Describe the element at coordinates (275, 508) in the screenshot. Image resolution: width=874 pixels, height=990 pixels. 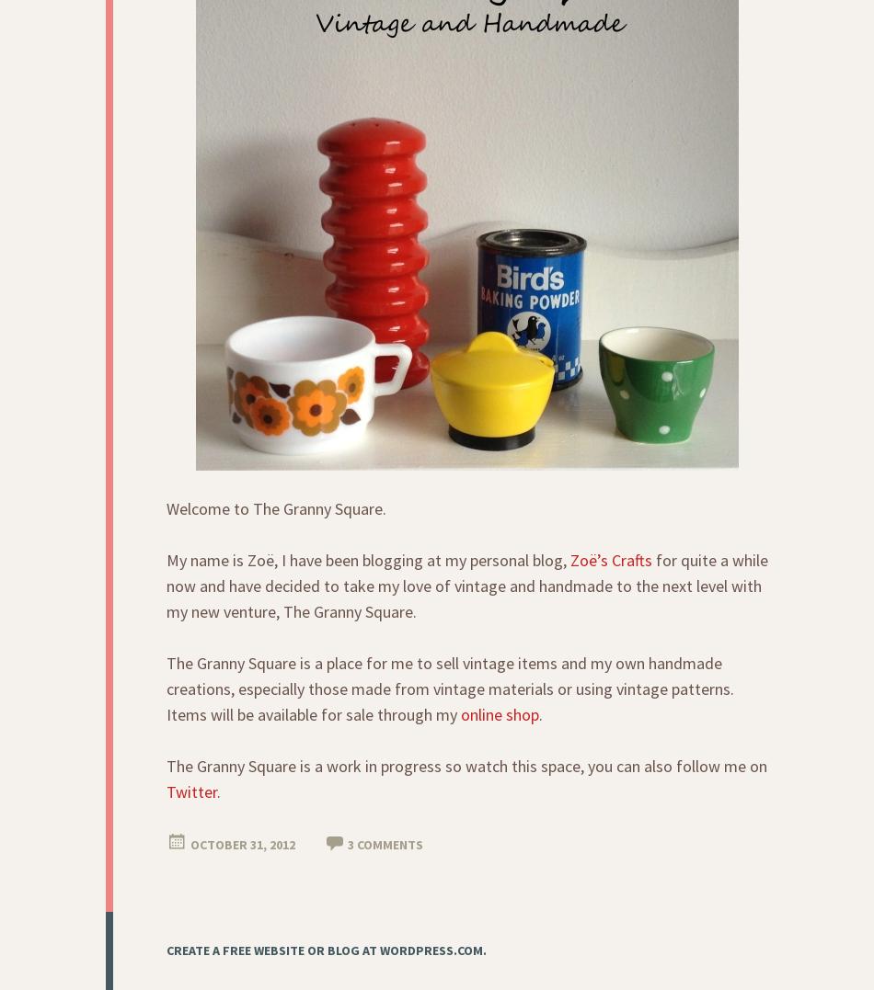
I see `'Welcome to The Granny Square.'` at that location.